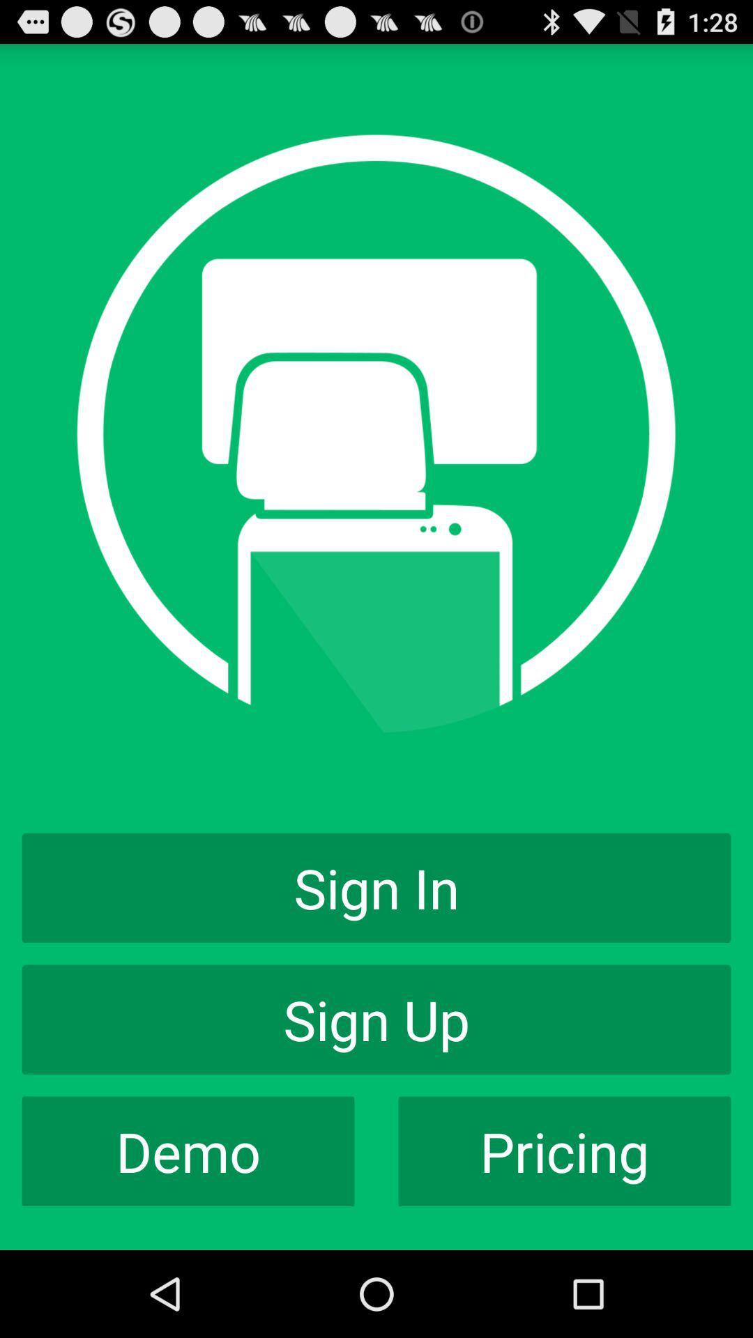 The height and width of the screenshot is (1338, 753). What do you see at coordinates (188, 1151) in the screenshot?
I see `the item next to pricing app` at bounding box center [188, 1151].